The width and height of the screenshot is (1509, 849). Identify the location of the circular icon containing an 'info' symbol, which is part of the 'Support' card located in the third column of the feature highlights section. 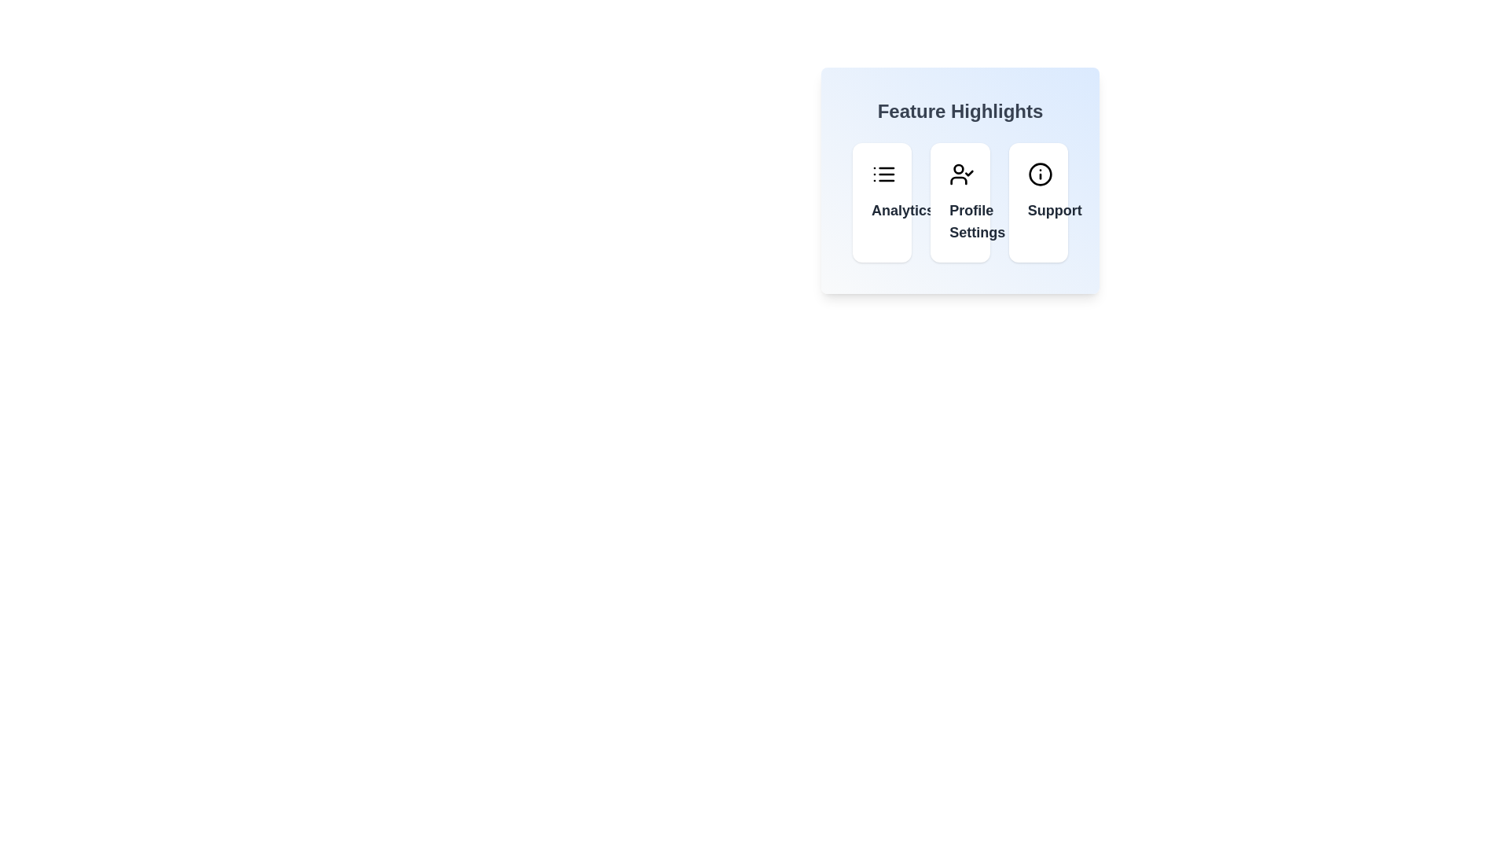
(1040, 175).